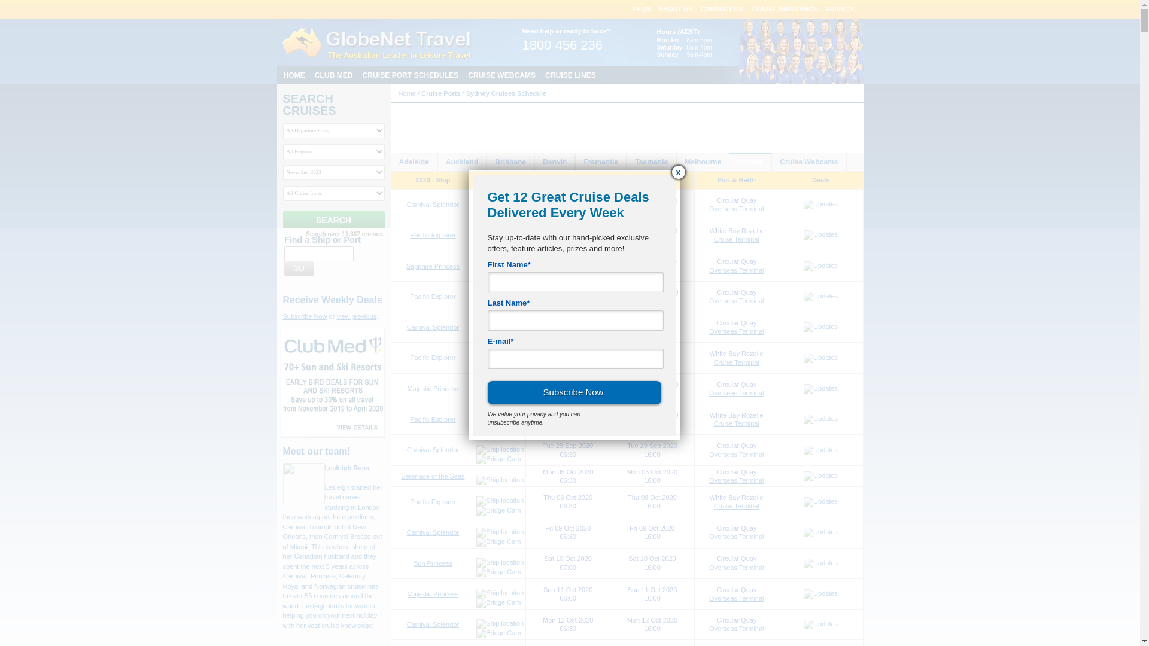 This screenshot has height=646, width=1149. What do you see at coordinates (703, 162) in the screenshot?
I see `'Melbourne'` at bounding box center [703, 162].